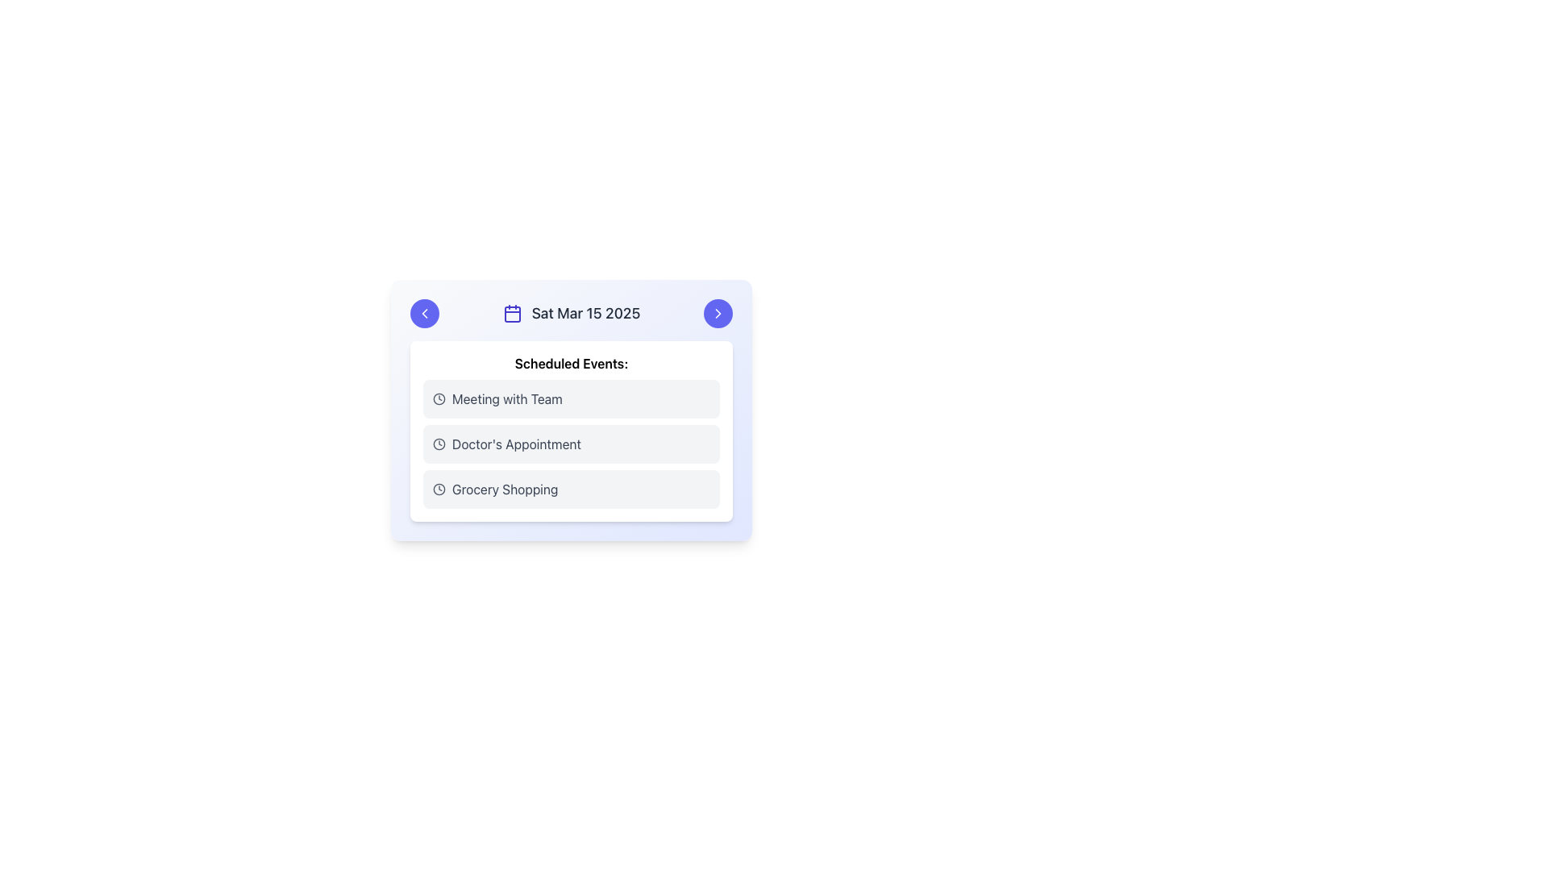 This screenshot has width=1548, height=871. I want to click on the first scheduled event item titled 'Meeting with Team' in the 'Scheduled Events' list, so click(572, 398).